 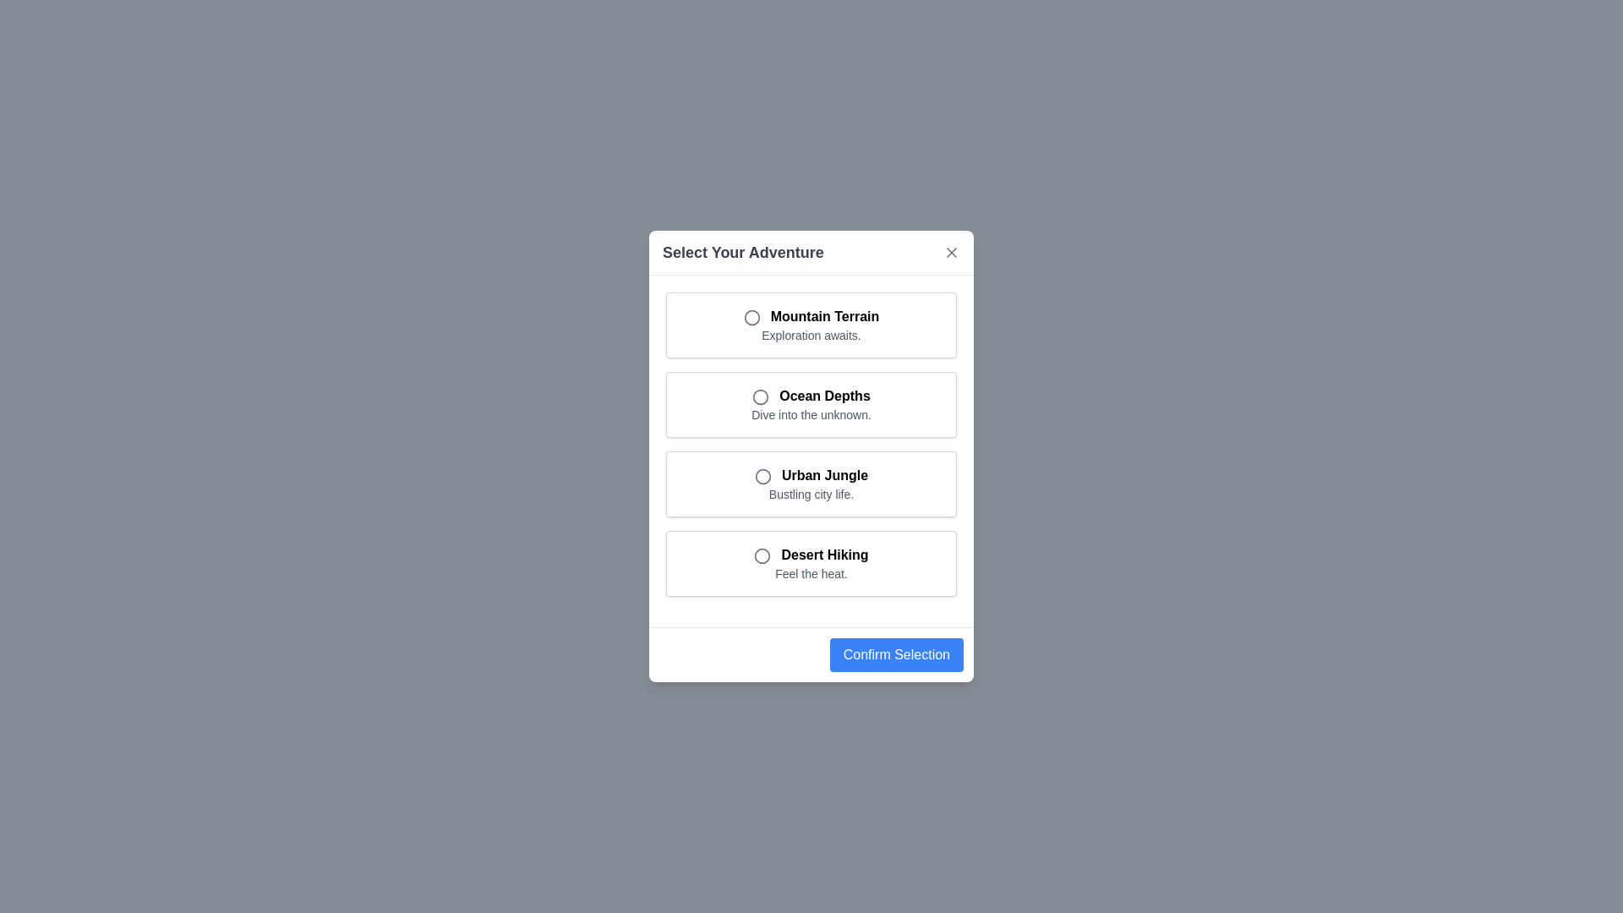 What do you see at coordinates (952, 253) in the screenshot?
I see `the close button to close the dialog` at bounding box center [952, 253].